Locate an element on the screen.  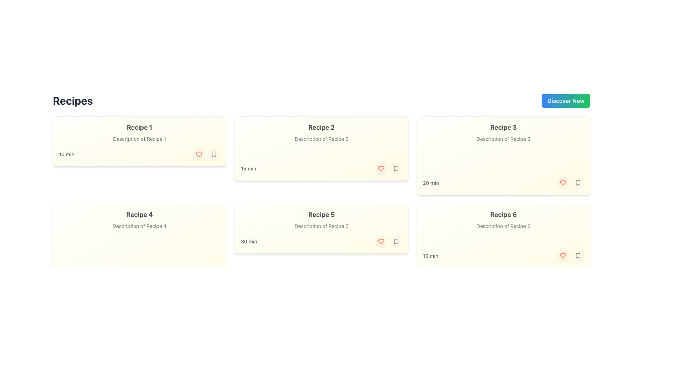
the circular button with a light gray background and a bookmark icon is located at coordinates (578, 183).